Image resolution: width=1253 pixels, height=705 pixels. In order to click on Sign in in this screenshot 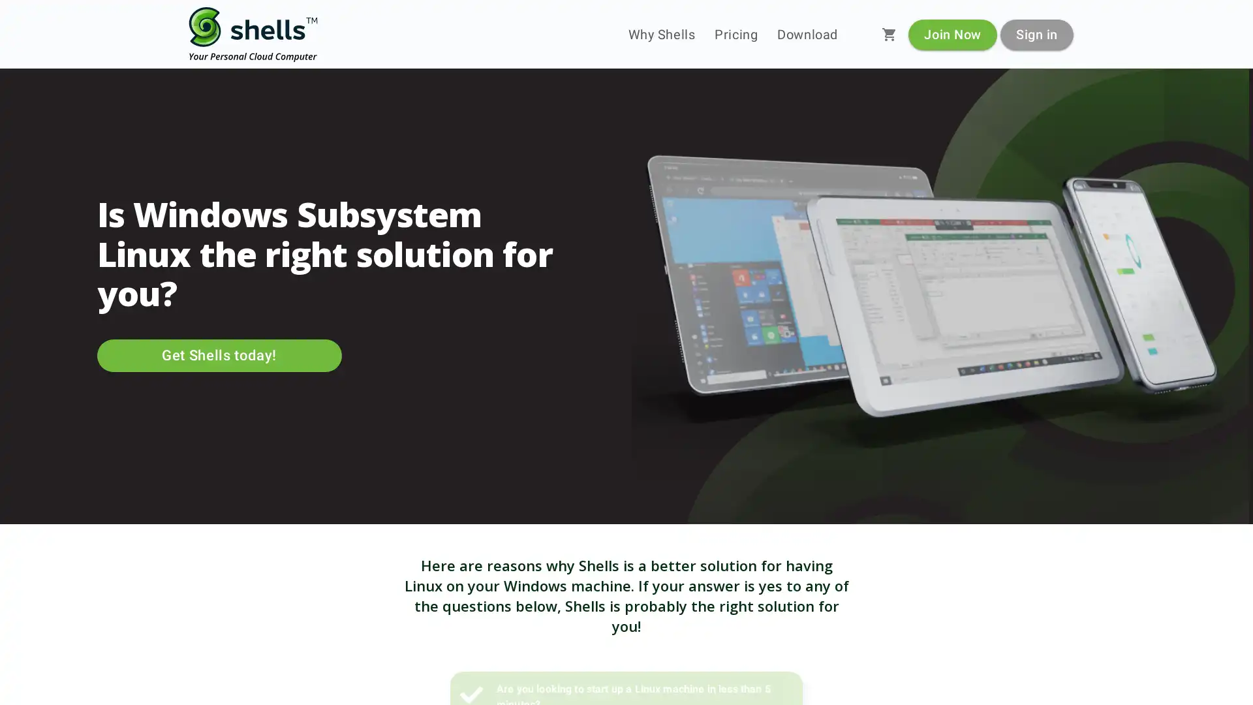, I will do `click(1036, 33)`.